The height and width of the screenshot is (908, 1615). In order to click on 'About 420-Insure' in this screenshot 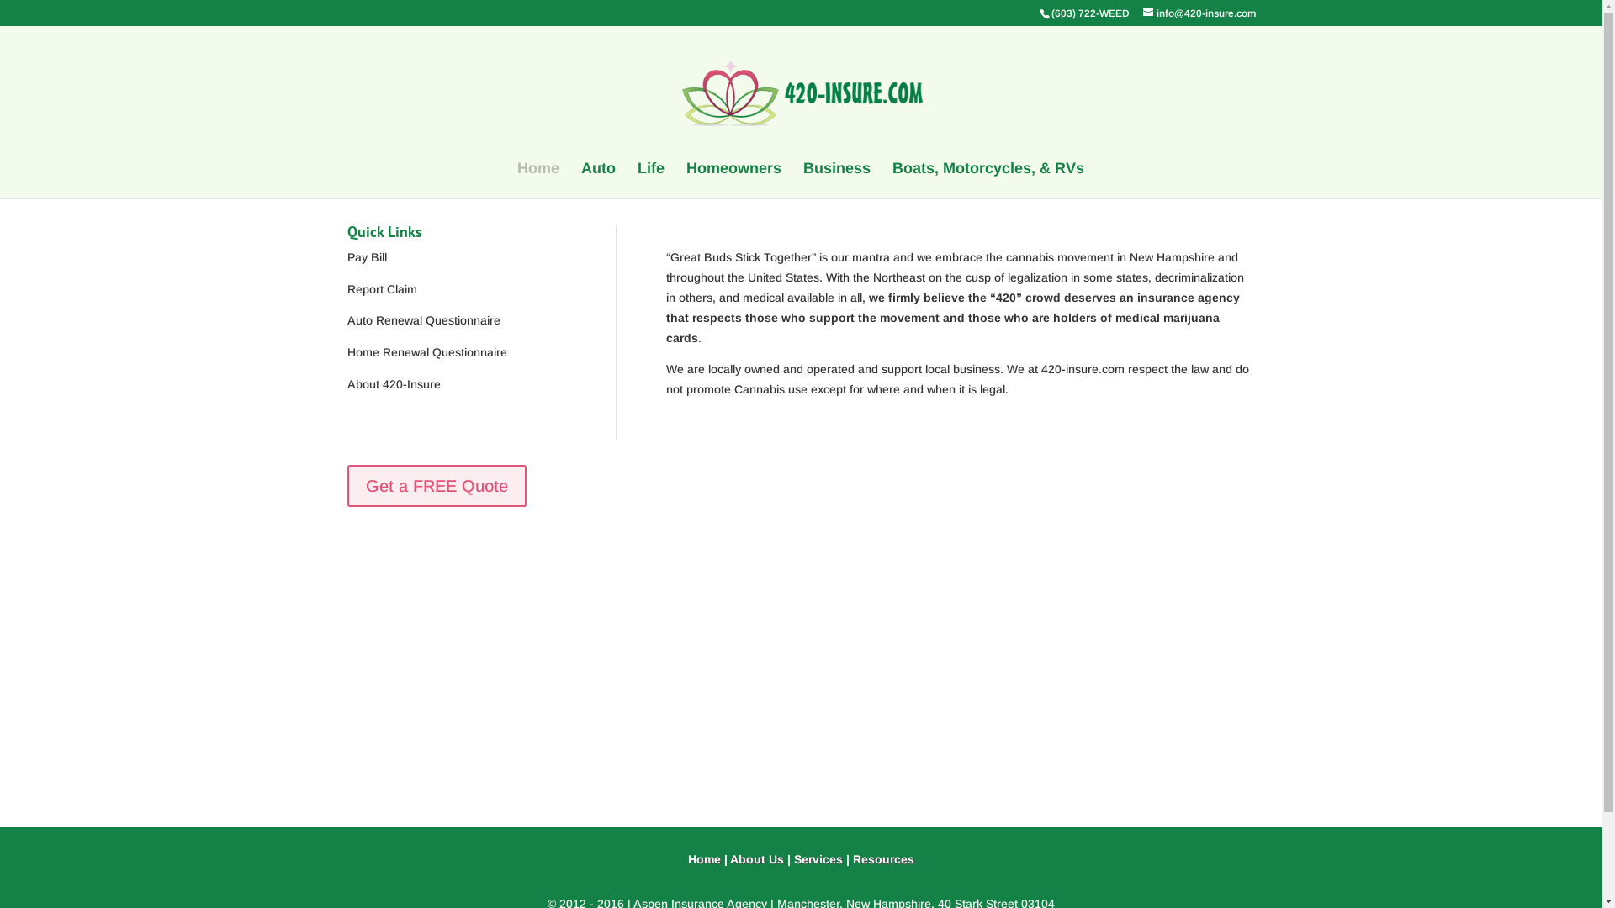, I will do `click(392, 383)`.